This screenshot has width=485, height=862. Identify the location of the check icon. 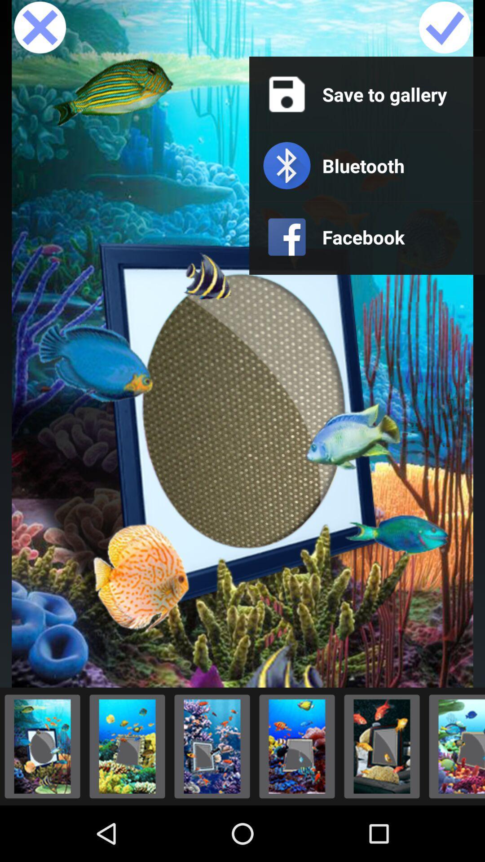
(445, 30).